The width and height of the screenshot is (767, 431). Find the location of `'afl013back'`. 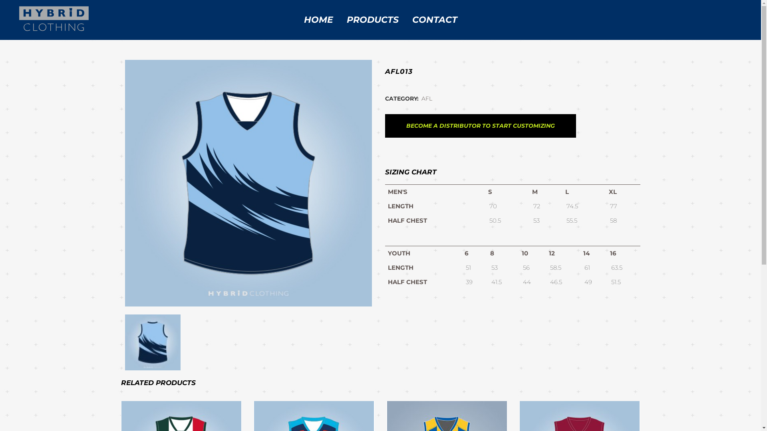

'afl013back' is located at coordinates (153, 342).